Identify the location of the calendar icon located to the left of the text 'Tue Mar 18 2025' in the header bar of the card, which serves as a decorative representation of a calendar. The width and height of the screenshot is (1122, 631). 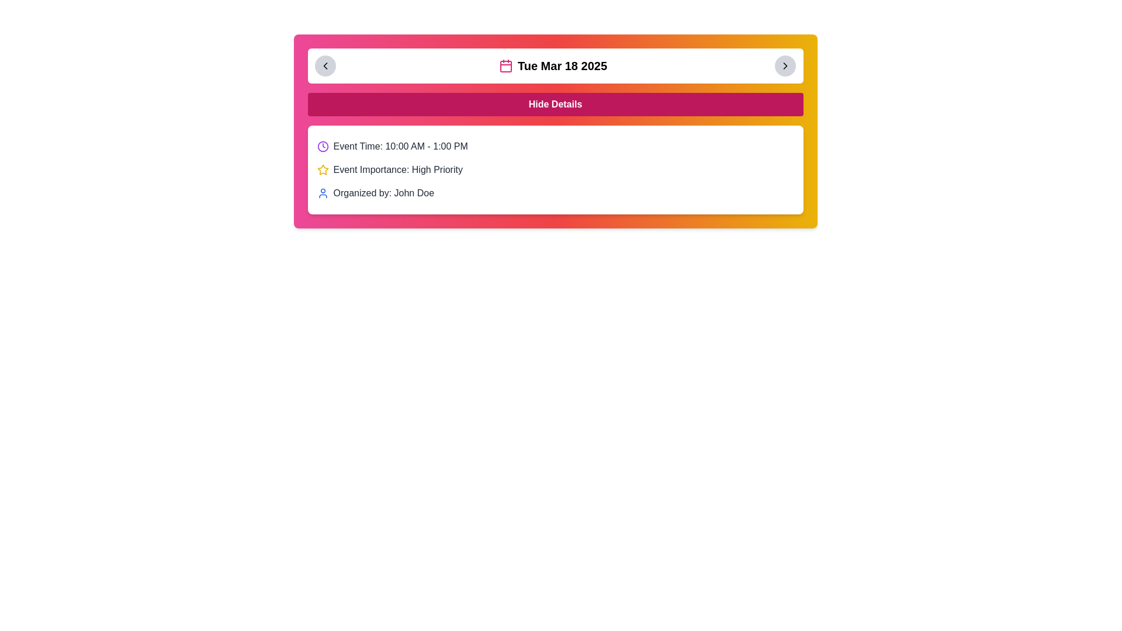
(505, 65).